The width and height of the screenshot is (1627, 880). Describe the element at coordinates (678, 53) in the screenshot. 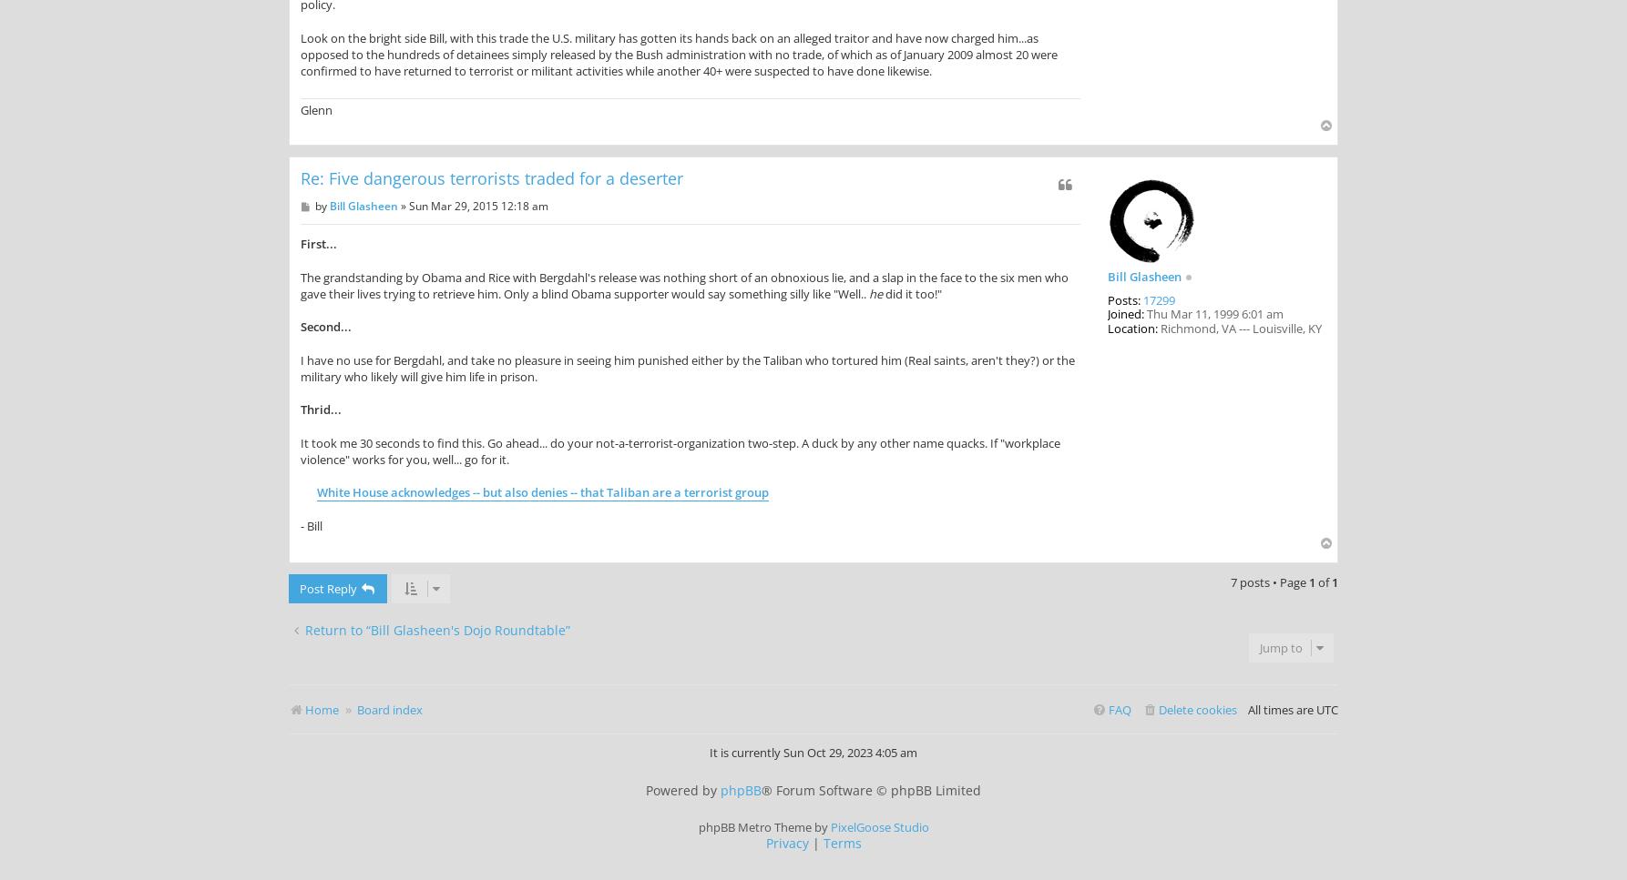

I see `'Look on the bright side Bill, with this trade the U.S. military has gotten its hands back on an alleged traitor and have now charged him...as opposed to the hundreds of detainees simply released by the Bush administration with no trade, of which as of January 2009 almost 20 were confirmed to have returned to terrorist or militant activities while another 40+ were suspected to have done likewise.'` at that location.